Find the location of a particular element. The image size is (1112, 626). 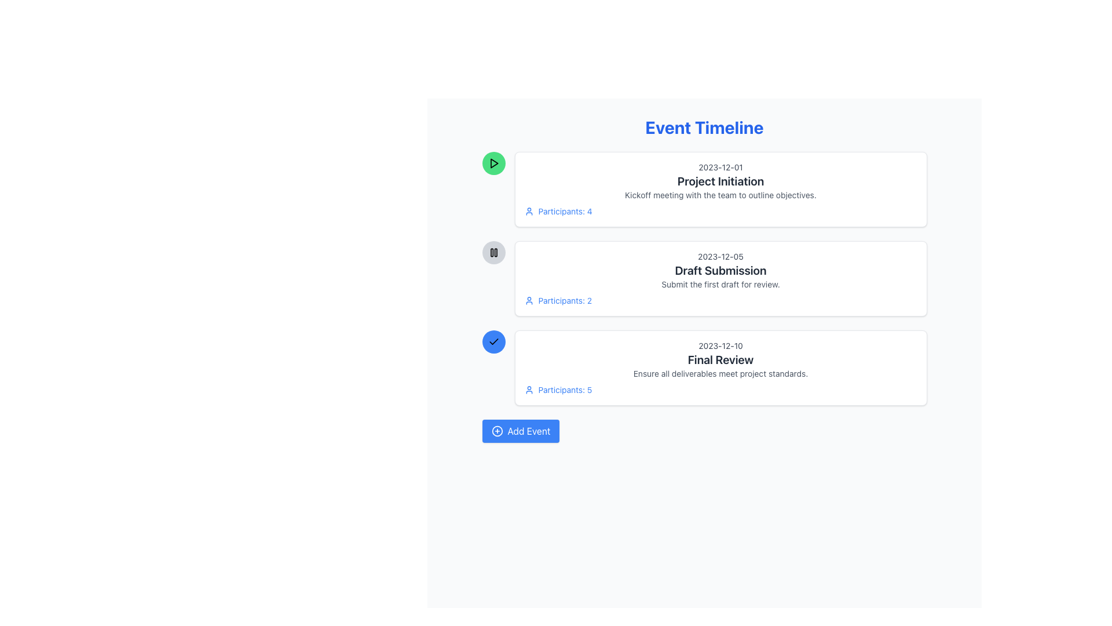

the triangular play button icon, filled with green and bordered by a thin black stroke, located within a circular green background at the far-left side of the top event in the timeline adjacent to the 'Project Initiation' event title for accessibility purposes is located at coordinates (493, 163).